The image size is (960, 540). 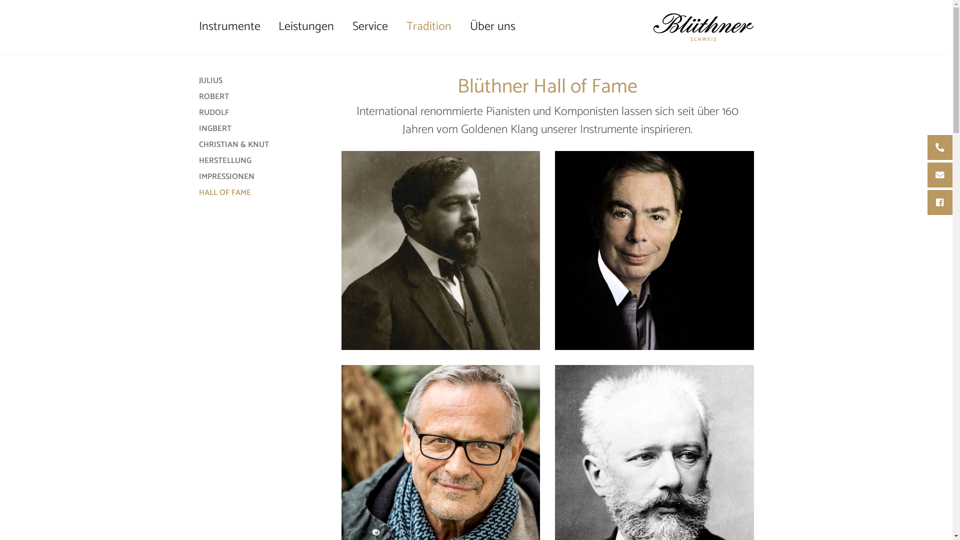 I want to click on 'RUDOLF', so click(x=199, y=112).